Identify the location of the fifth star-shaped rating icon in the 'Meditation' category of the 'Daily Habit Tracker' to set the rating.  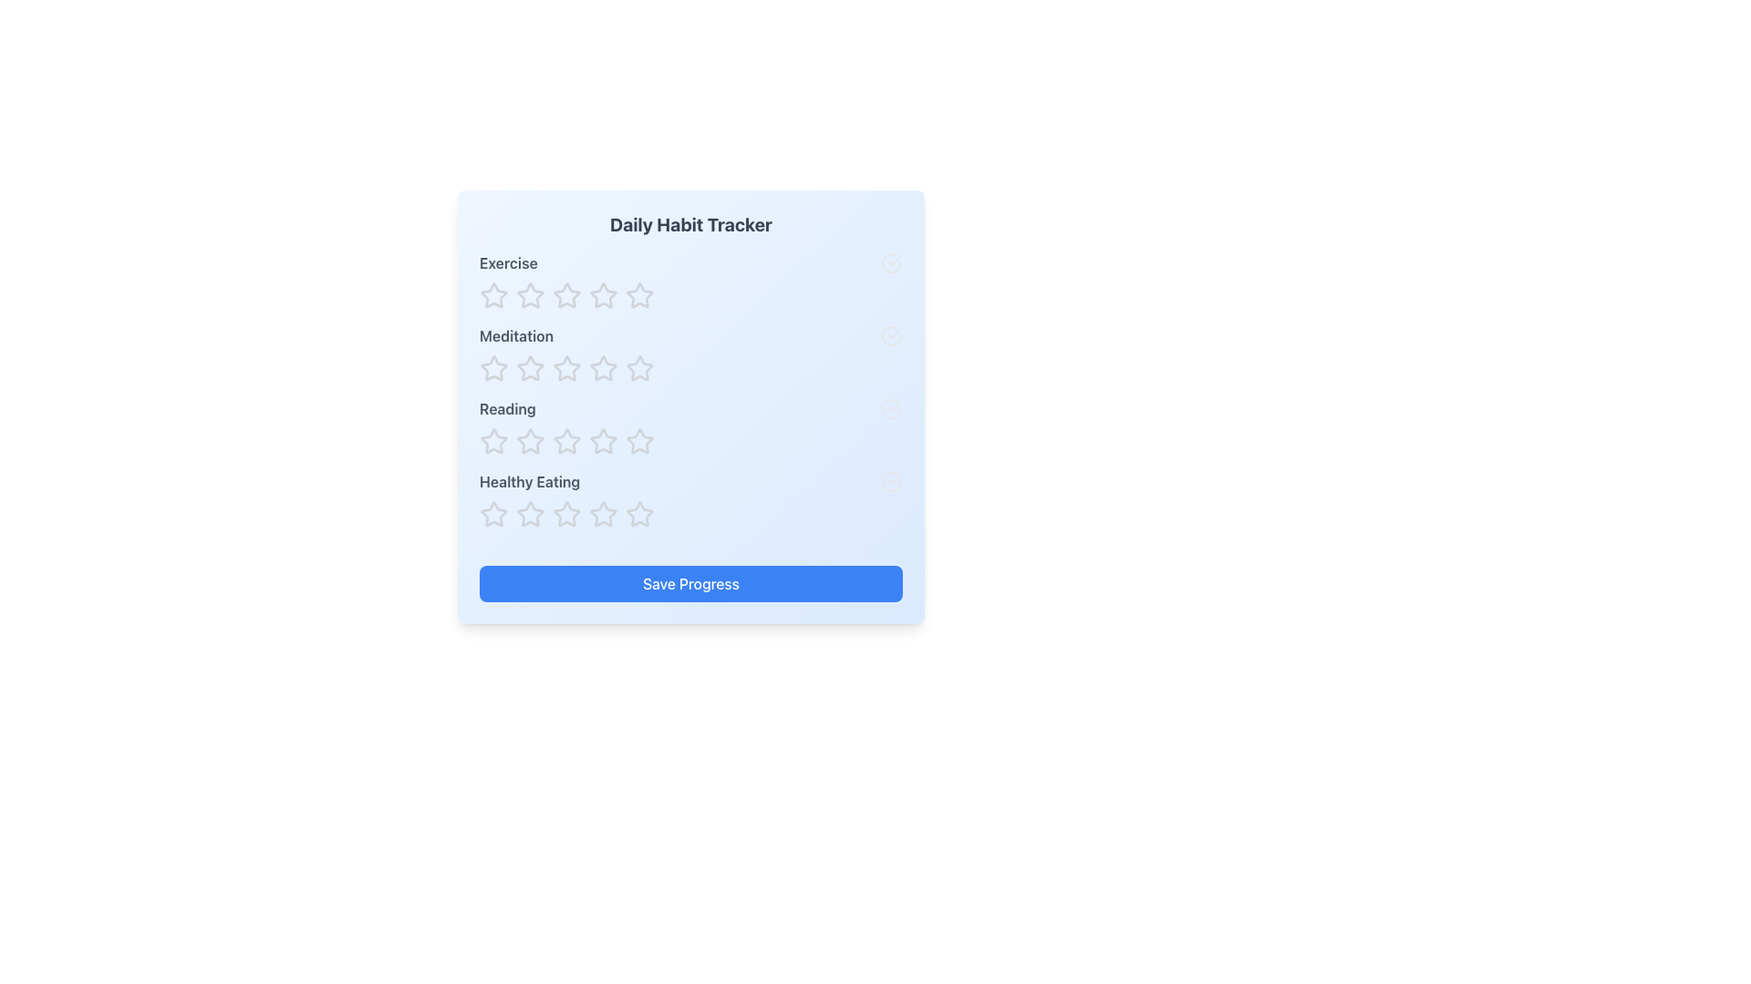
(639, 369).